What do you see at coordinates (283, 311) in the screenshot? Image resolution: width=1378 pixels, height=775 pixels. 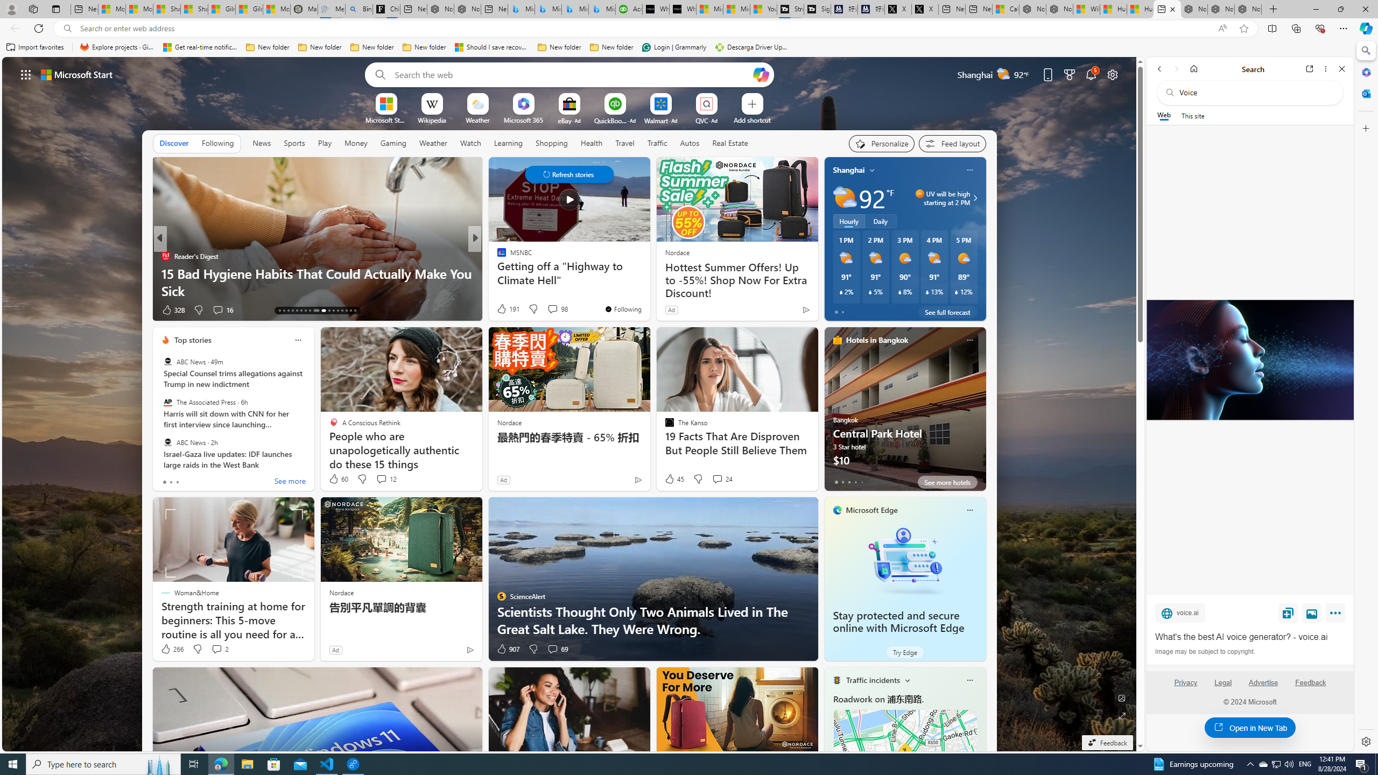 I see `'AutomationID: tab-14'` at bounding box center [283, 311].